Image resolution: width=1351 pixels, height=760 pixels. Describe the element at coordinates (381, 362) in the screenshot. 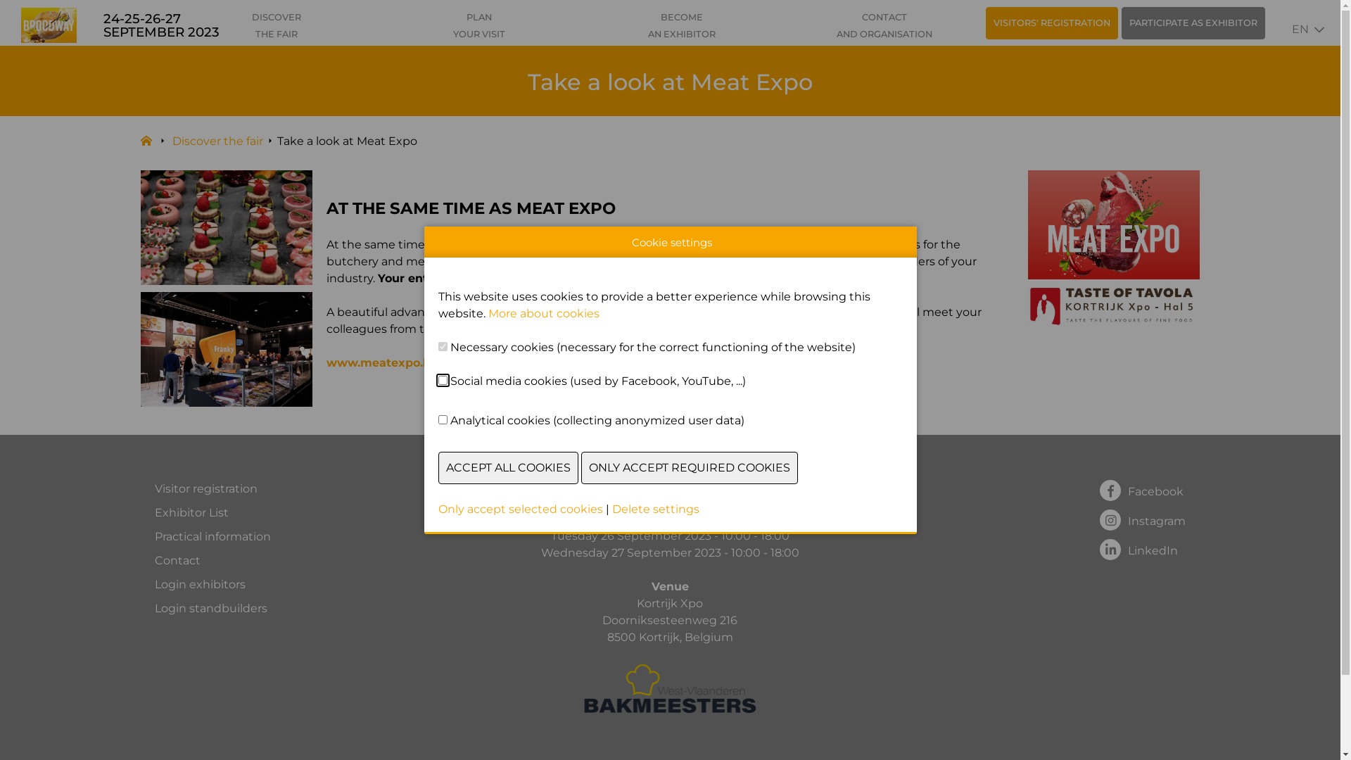

I see `'www.meatexpo.be'` at that location.